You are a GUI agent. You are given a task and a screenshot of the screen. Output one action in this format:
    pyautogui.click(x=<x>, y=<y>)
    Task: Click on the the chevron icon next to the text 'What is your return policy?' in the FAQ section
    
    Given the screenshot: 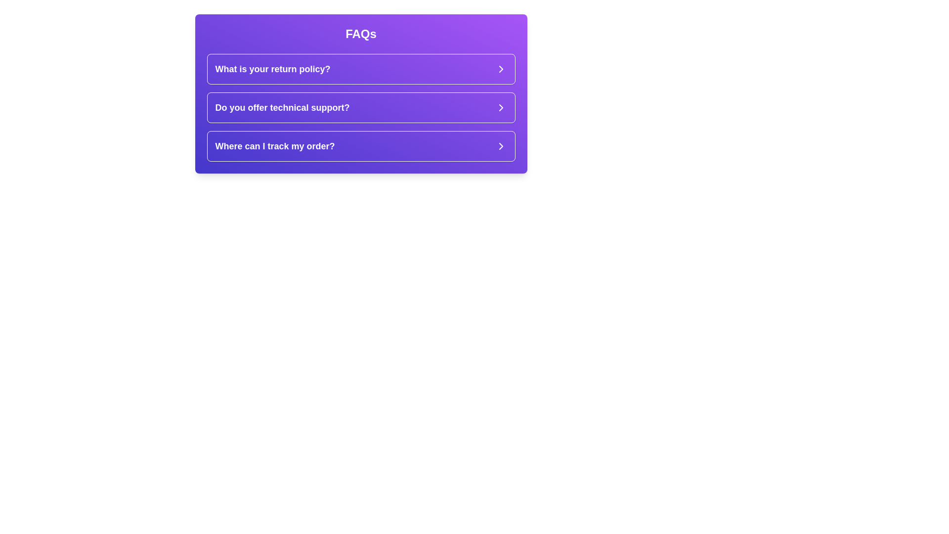 What is the action you would take?
    pyautogui.click(x=501, y=68)
    